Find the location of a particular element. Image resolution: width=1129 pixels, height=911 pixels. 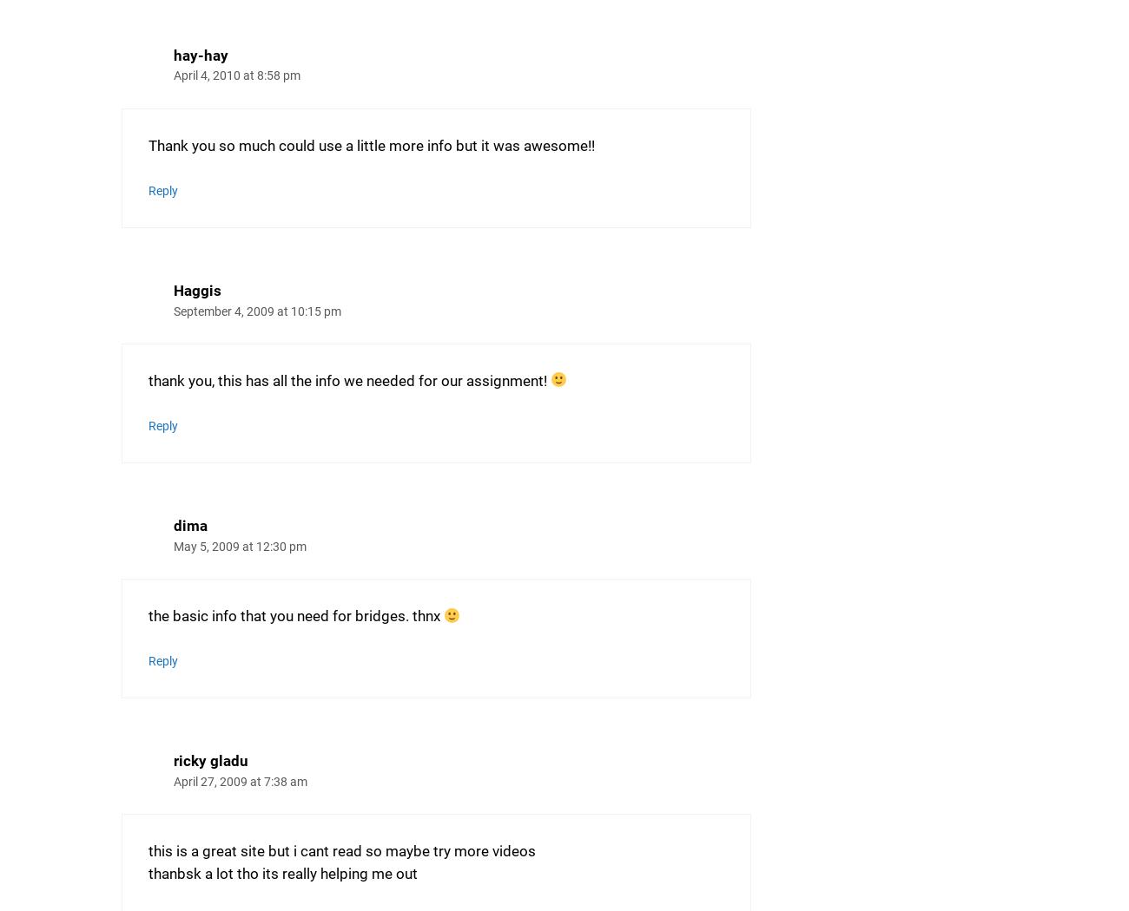

'September 4, 2009 at 10:15 pm' is located at coordinates (257, 310).